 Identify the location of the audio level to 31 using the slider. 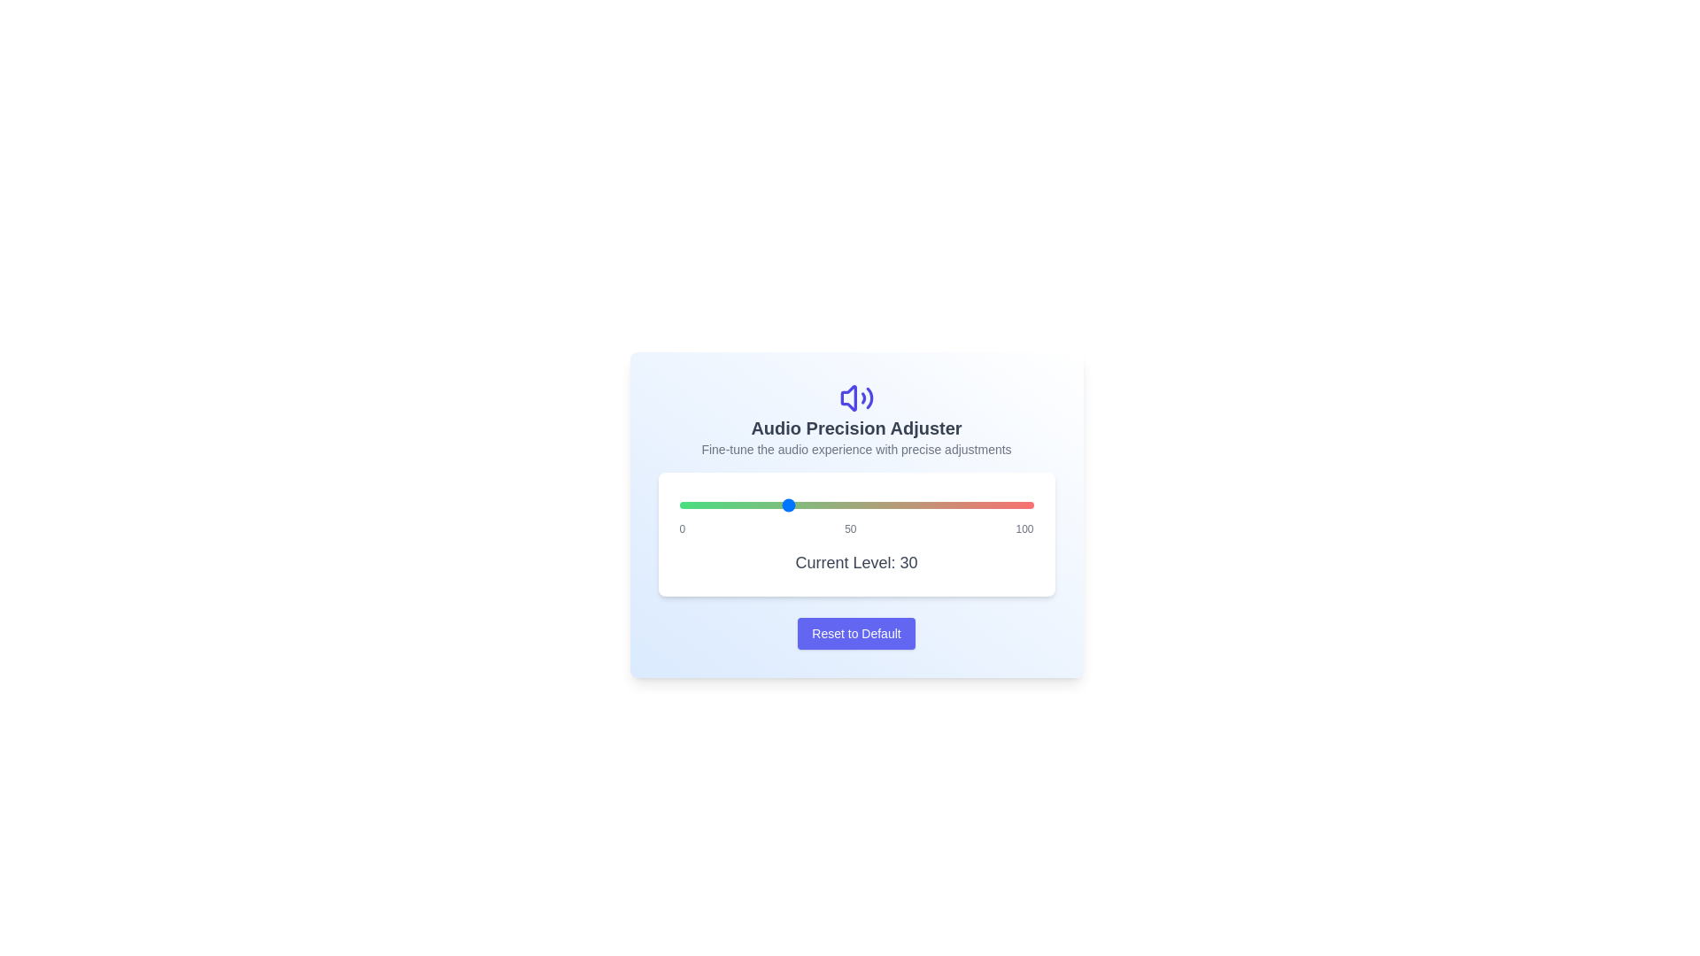
(788, 505).